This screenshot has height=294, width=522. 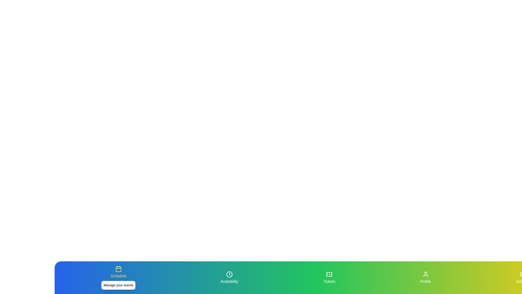 I want to click on the tab labeled 'Profile' to view its description, so click(x=425, y=277).